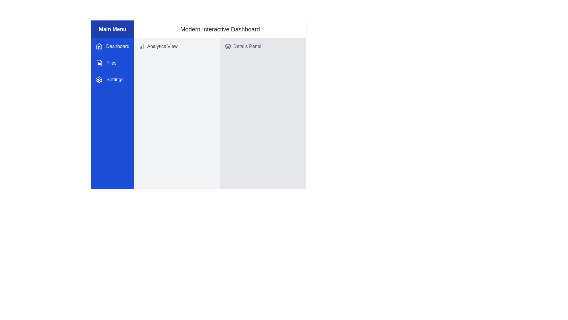 The height and width of the screenshot is (320, 568). Describe the element at coordinates (227, 46) in the screenshot. I see `the layered icon in the 'Details Panel' section, which is located to the left of the text 'Details Panel'` at that location.